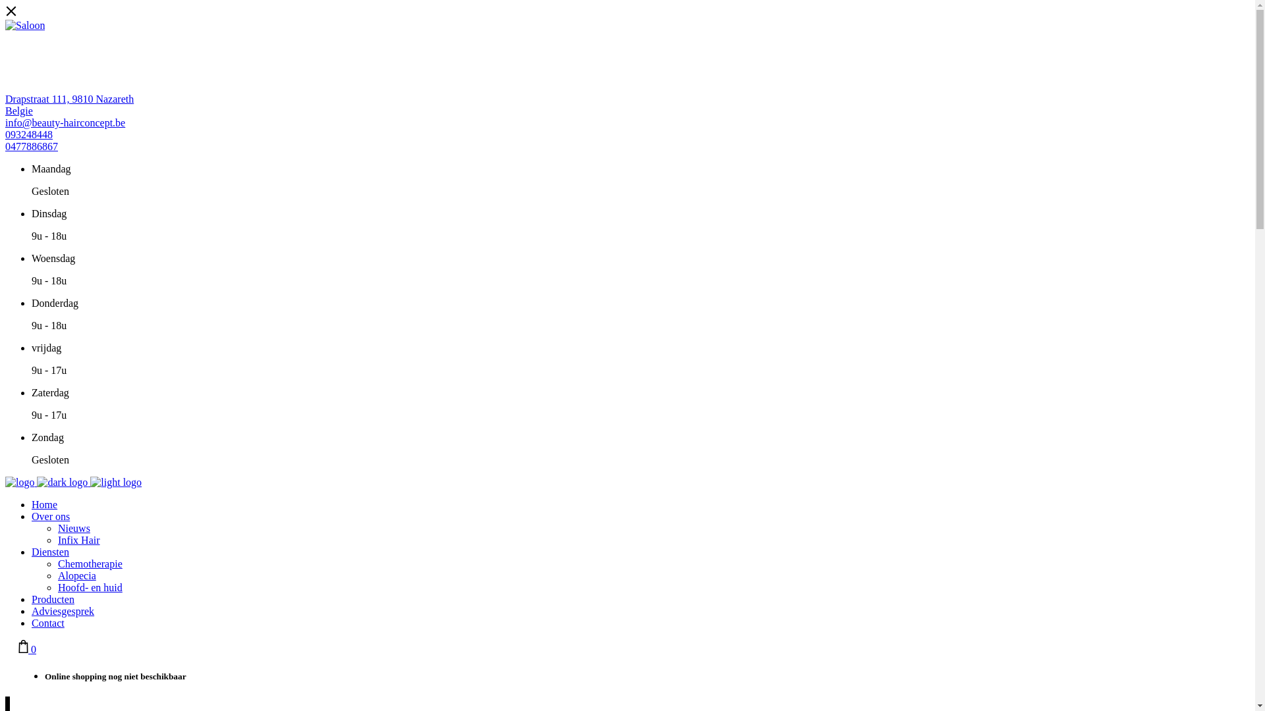  What do you see at coordinates (47, 622) in the screenshot?
I see `'Contact'` at bounding box center [47, 622].